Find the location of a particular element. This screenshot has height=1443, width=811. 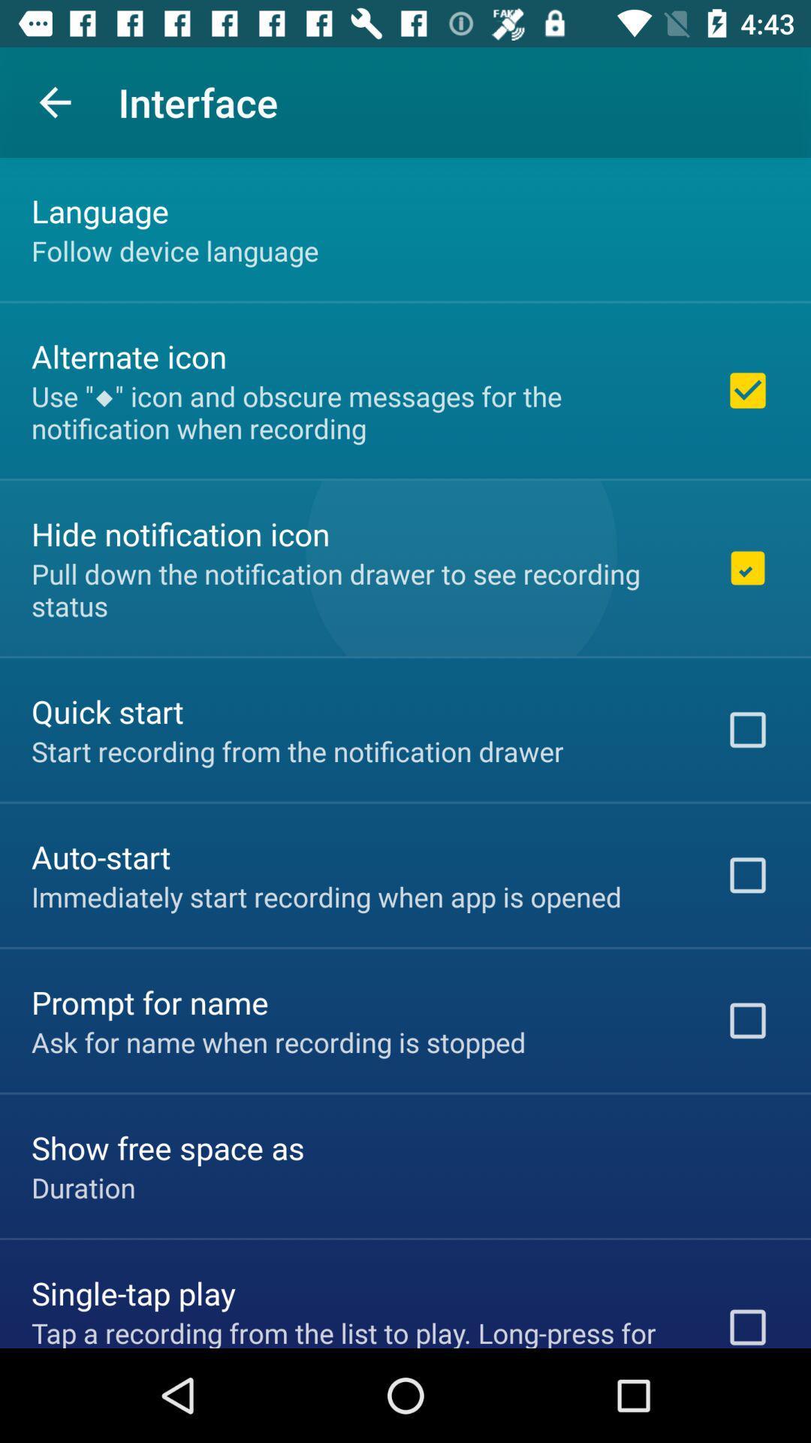

tap a recording item is located at coordinates (358, 1331).